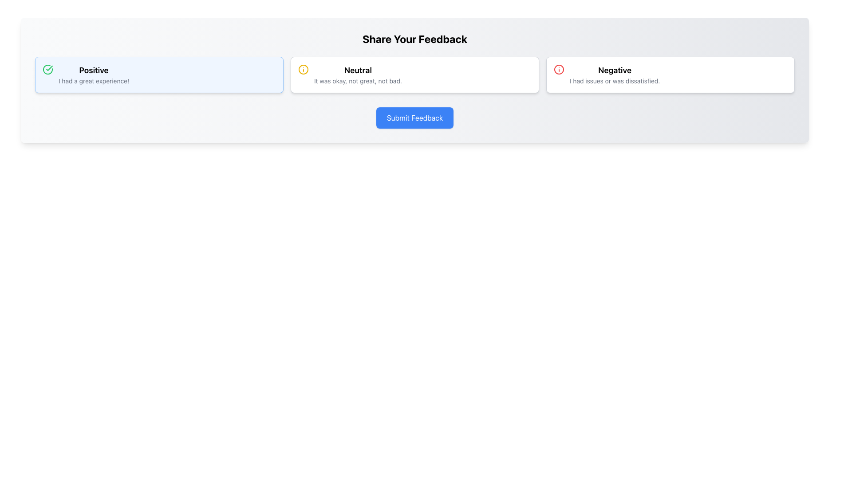  Describe the element at coordinates (414, 39) in the screenshot. I see `the heading that states 'Share Your Feedback', which is styled in large, bold black text and positioned at the top of the feedback section` at that location.